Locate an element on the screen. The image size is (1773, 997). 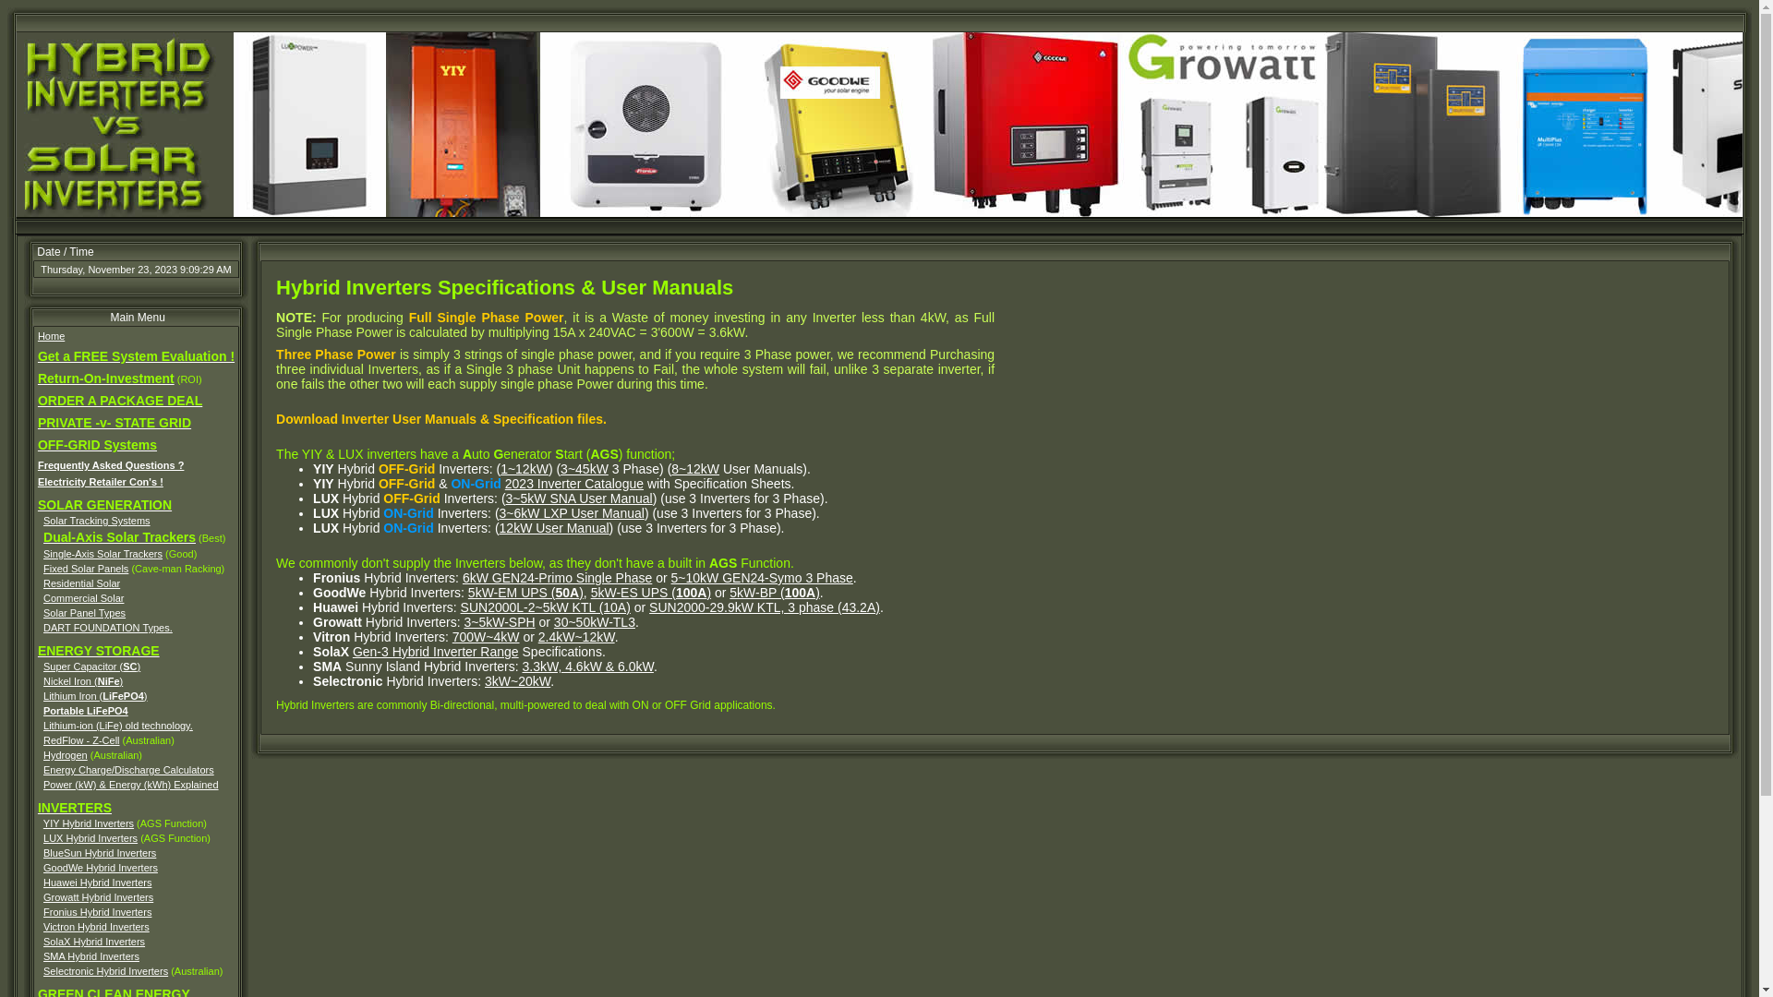
'5kW-ES UPS (100A)' is located at coordinates (651, 592).